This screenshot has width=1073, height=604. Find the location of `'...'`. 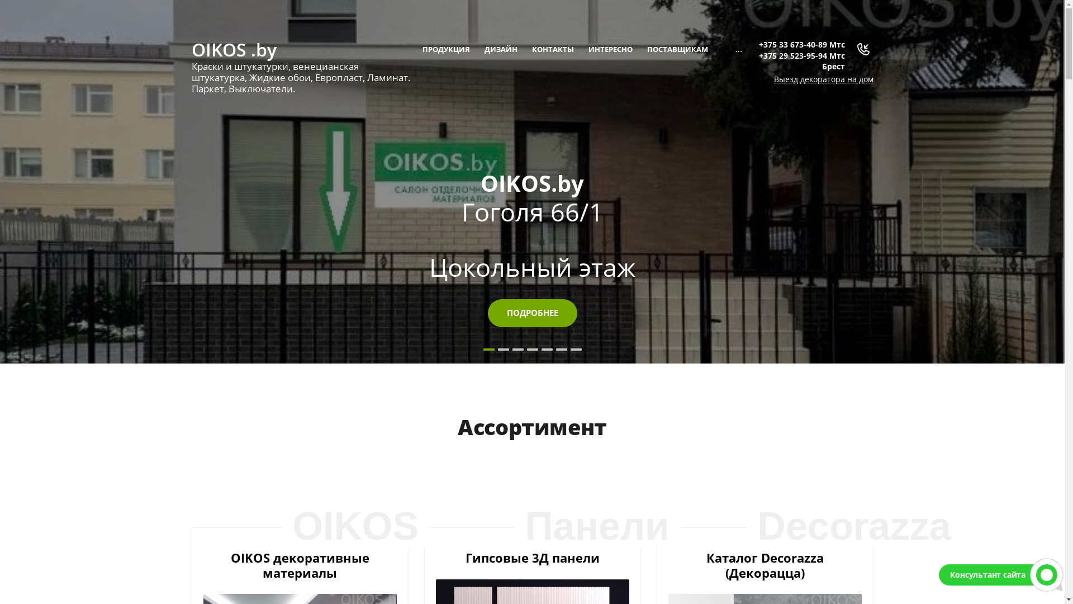

'...' is located at coordinates (738, 49).